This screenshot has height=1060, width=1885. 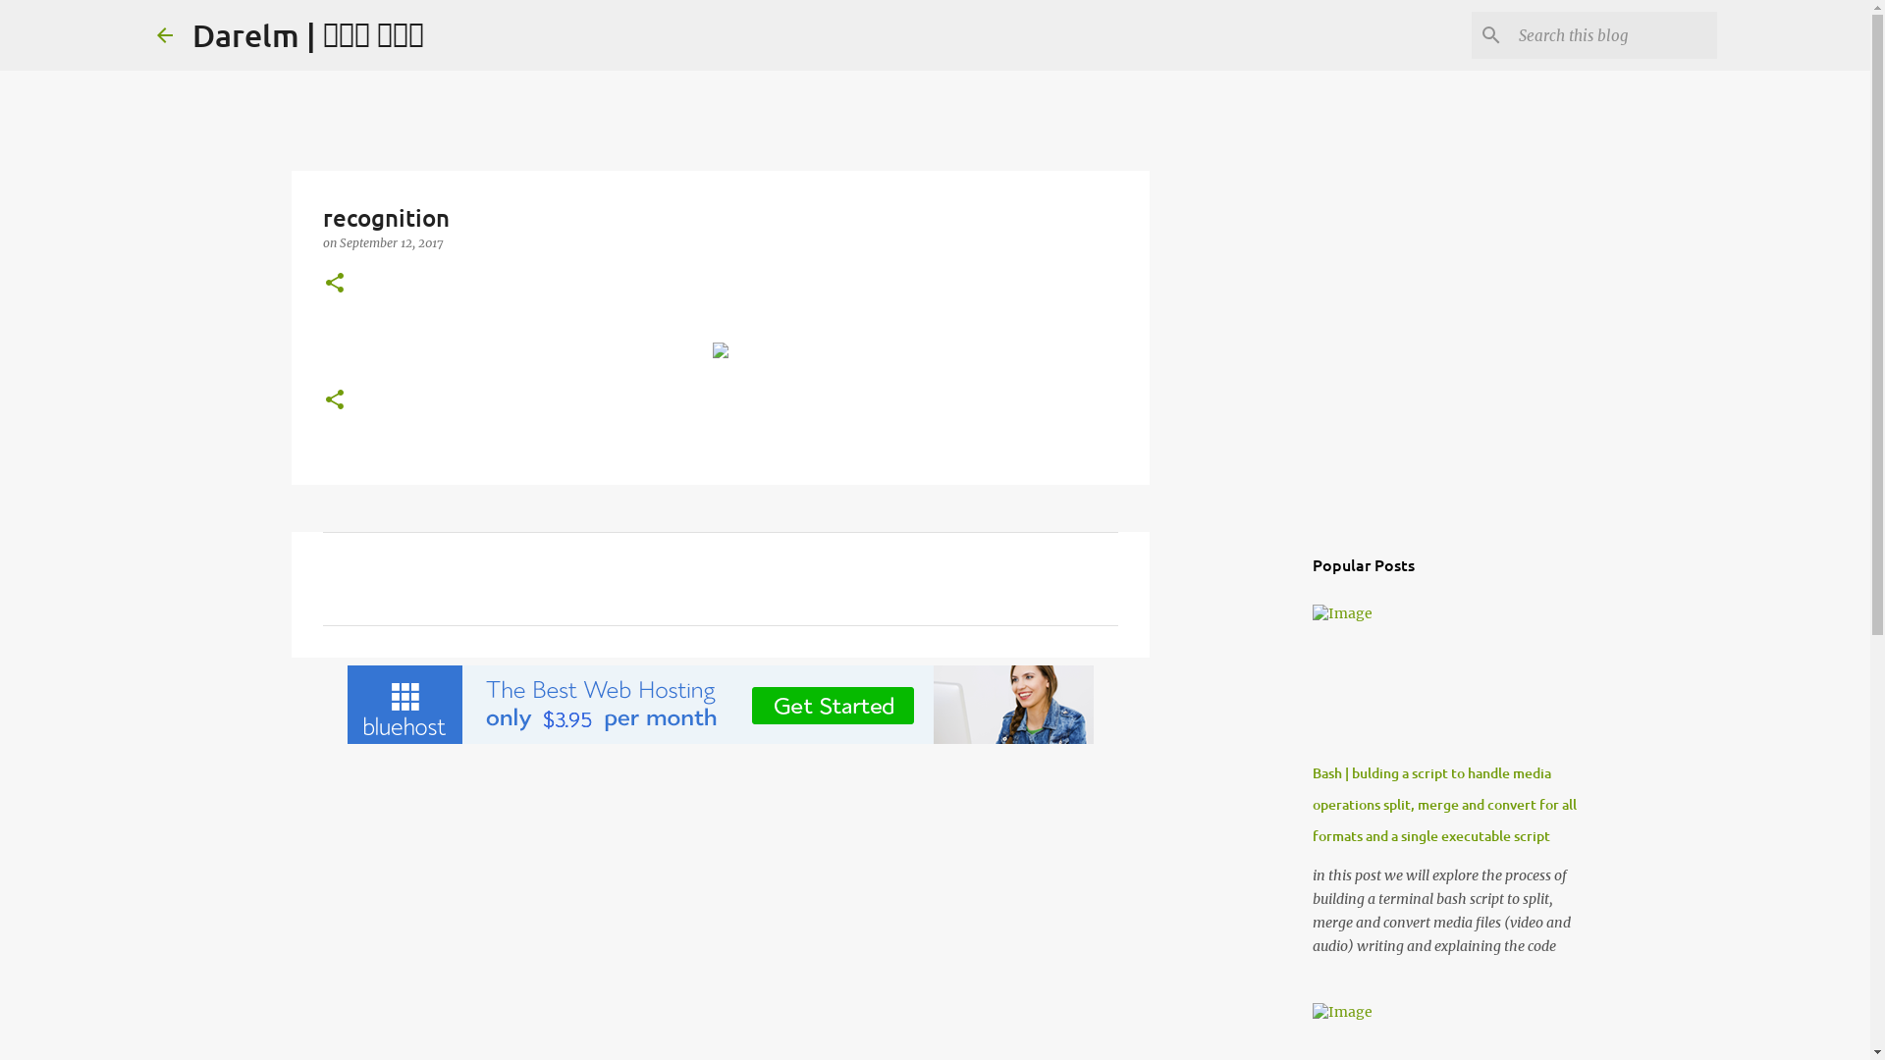 I want to click on 'September 12, 2017', so click(x=391, y=241).